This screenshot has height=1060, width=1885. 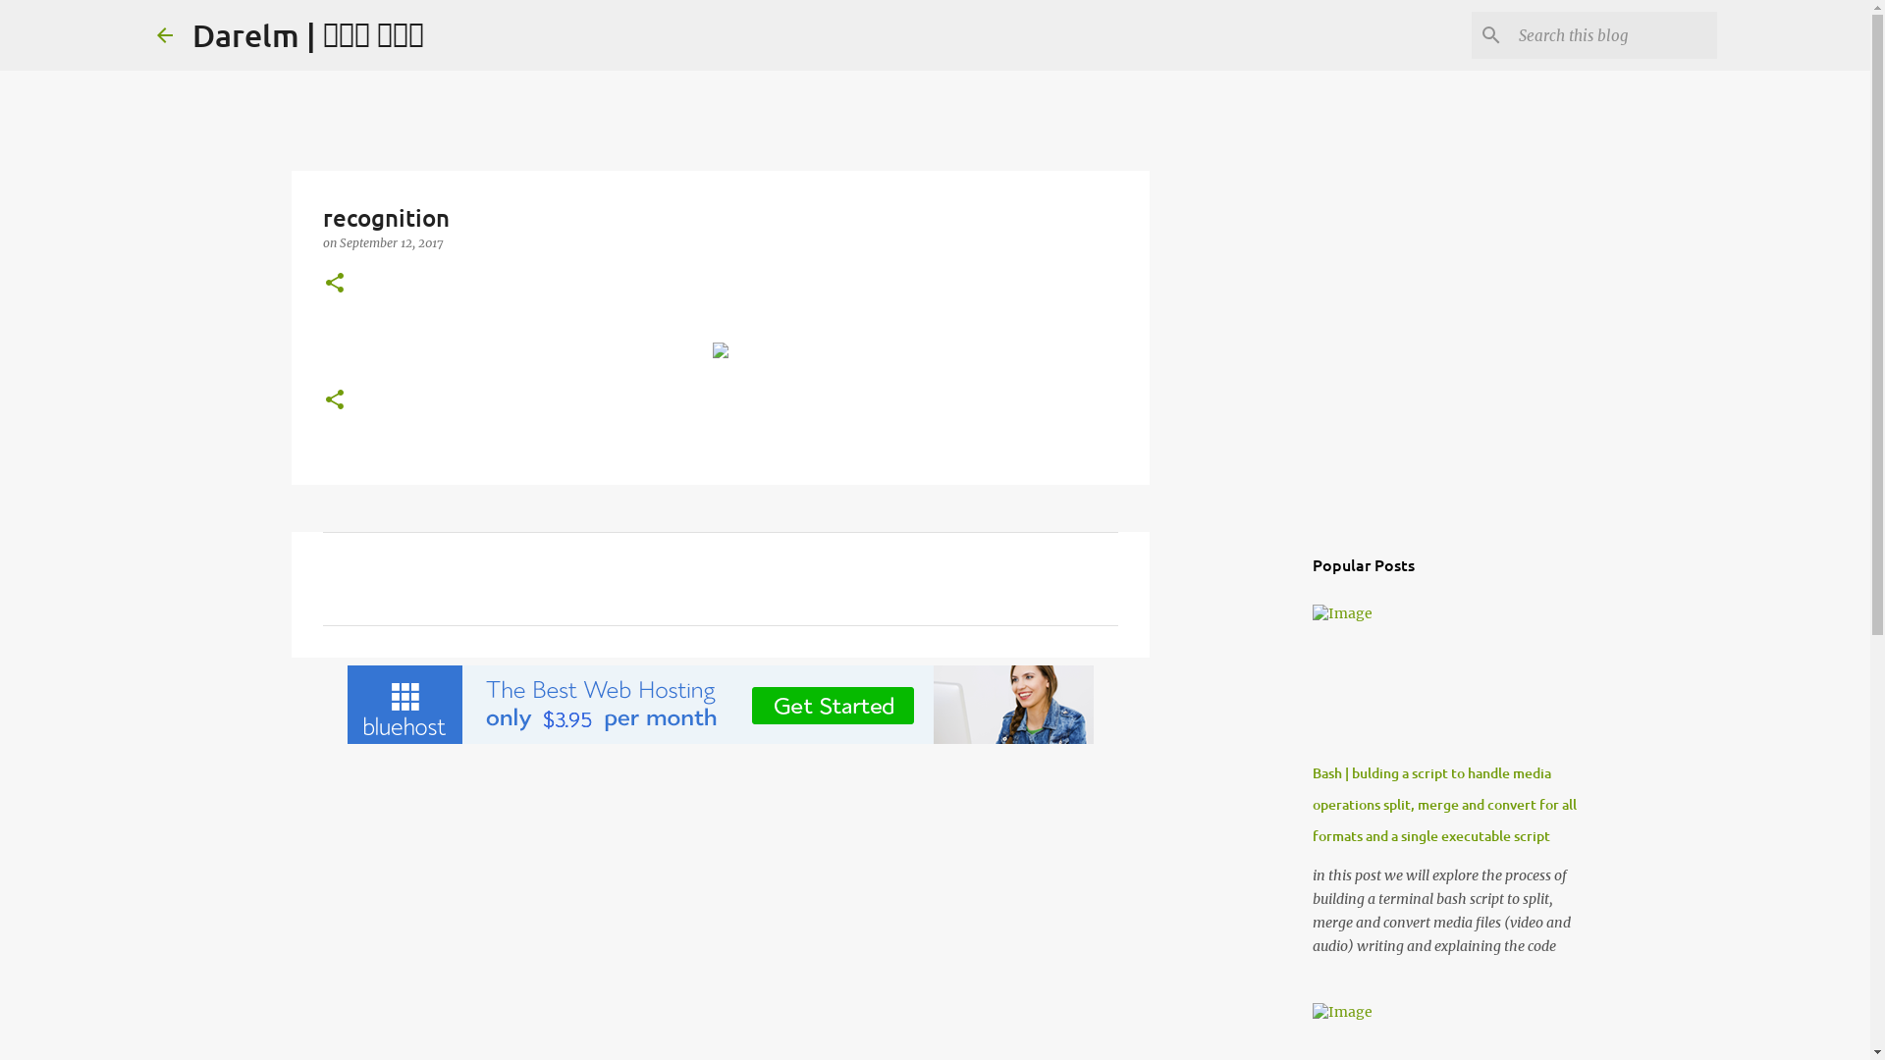 I want to click on 'September 12, 2017', so click(x=391, y=241).